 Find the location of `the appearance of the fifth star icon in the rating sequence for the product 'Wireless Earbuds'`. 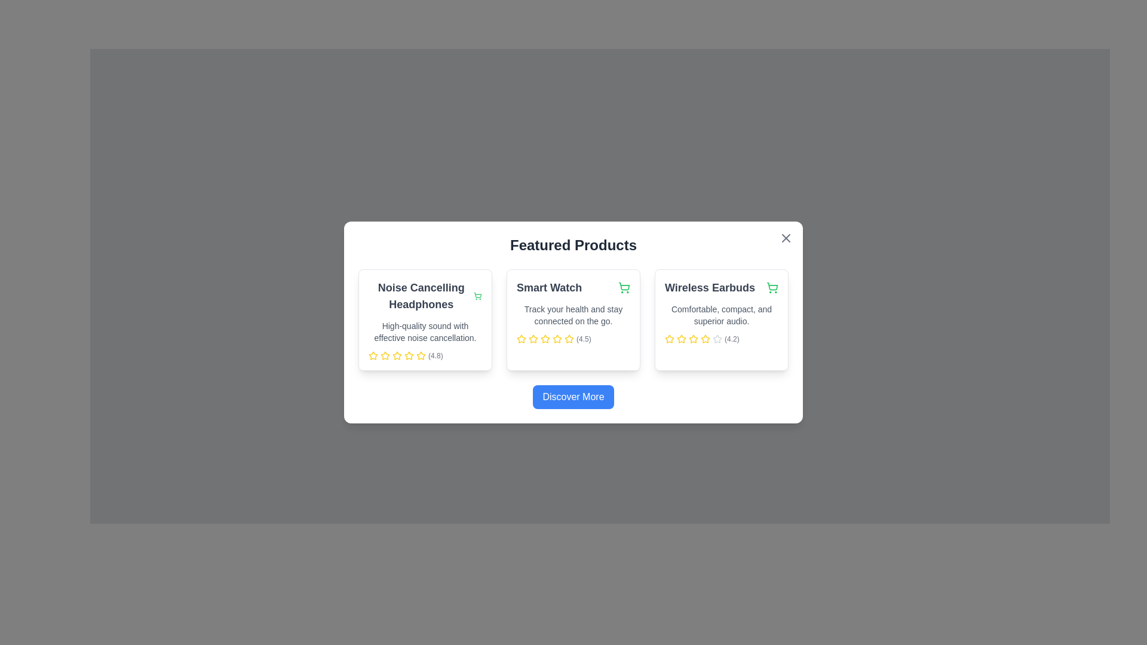

the appearance of the fifth star icon in the rating sequence for the product 'Wireless Earbuds' is located at coordinates (705, 339).